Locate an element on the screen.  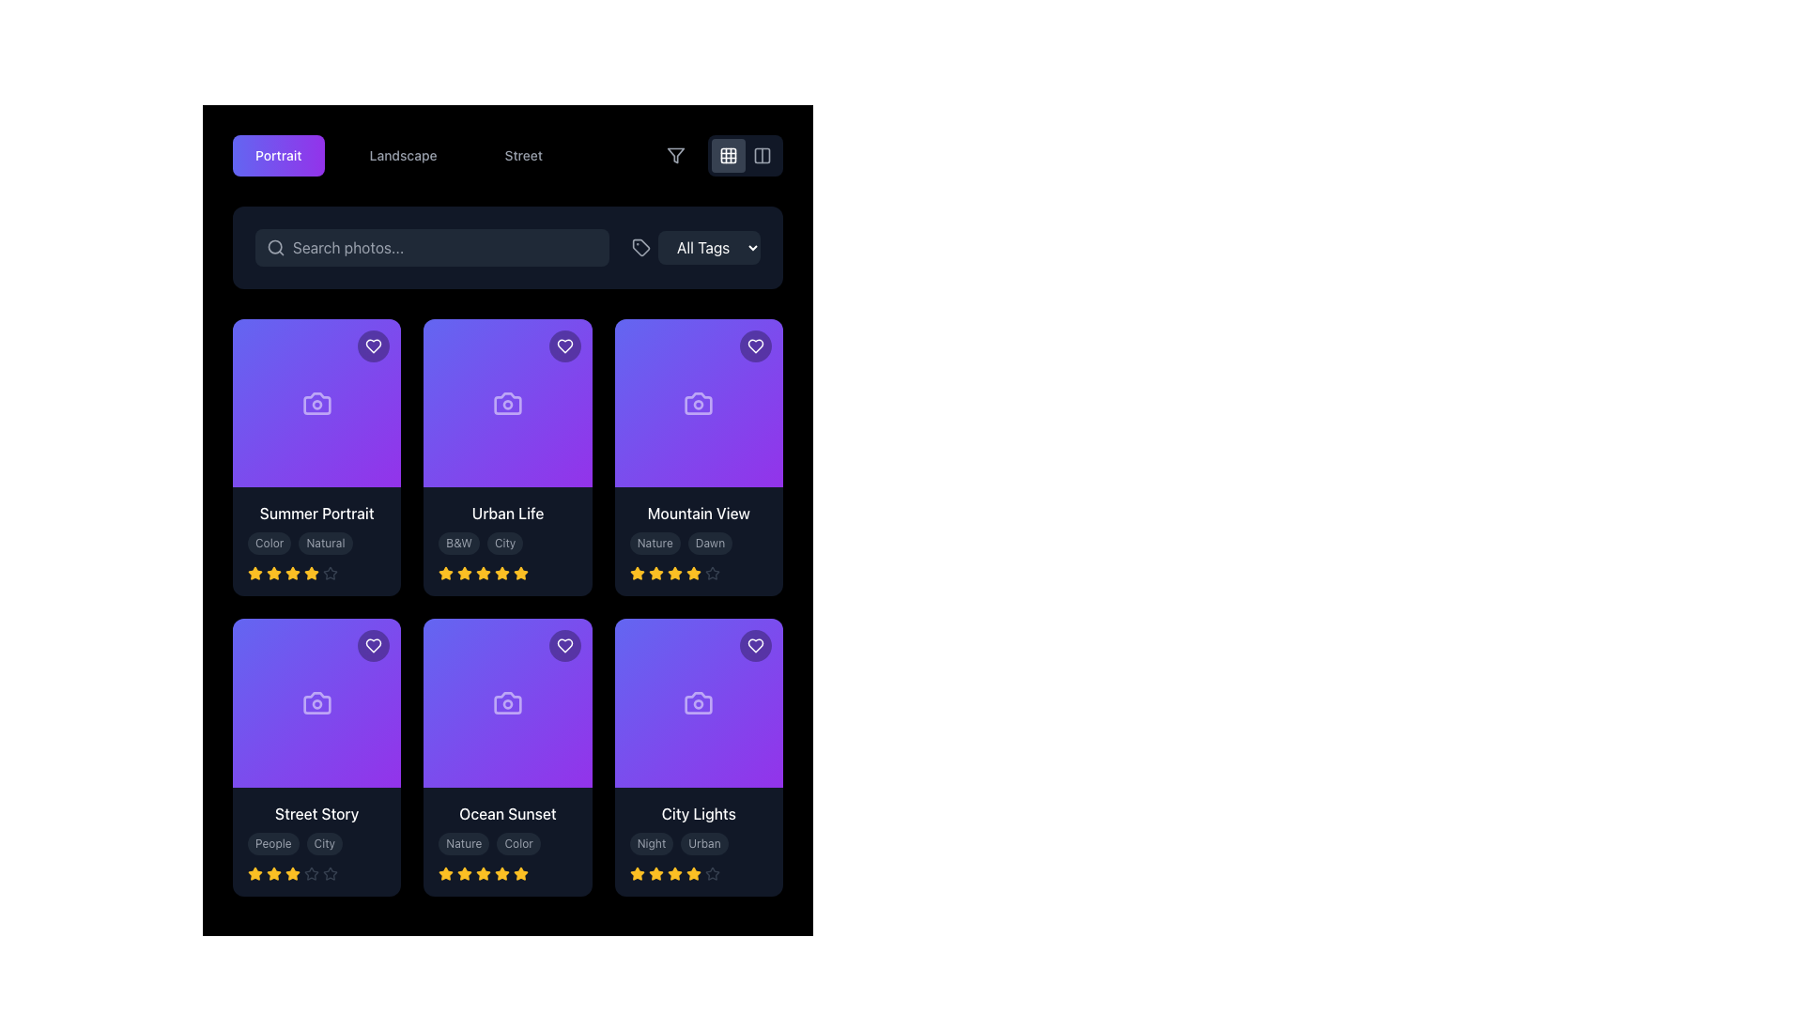
the interactive heart icon button for the 'Ocean Sunset' item is located at coordinates (563, 645).